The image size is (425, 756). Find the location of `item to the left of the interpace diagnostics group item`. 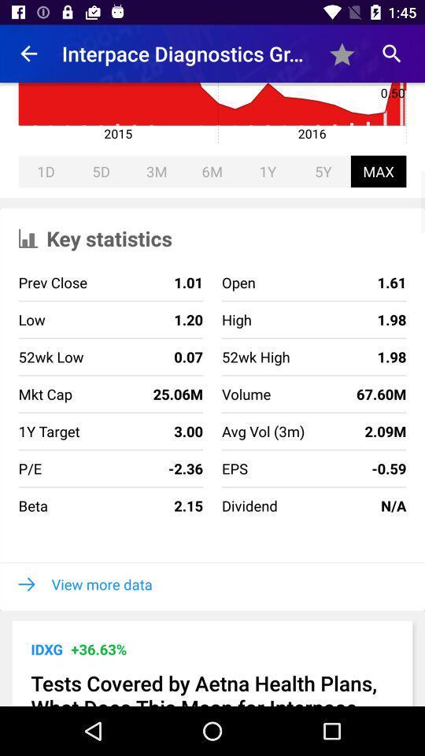

item to the left of the interpace diagnostics group item is located at coordinates (28, 54).